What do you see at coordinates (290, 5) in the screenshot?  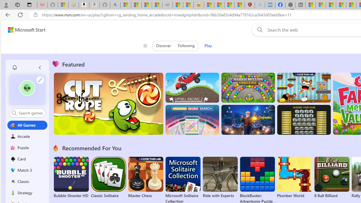 I see `'Nordace - Nordace Siena Is Not An Ordinary Backpack'` at bounding box center [290, 5].